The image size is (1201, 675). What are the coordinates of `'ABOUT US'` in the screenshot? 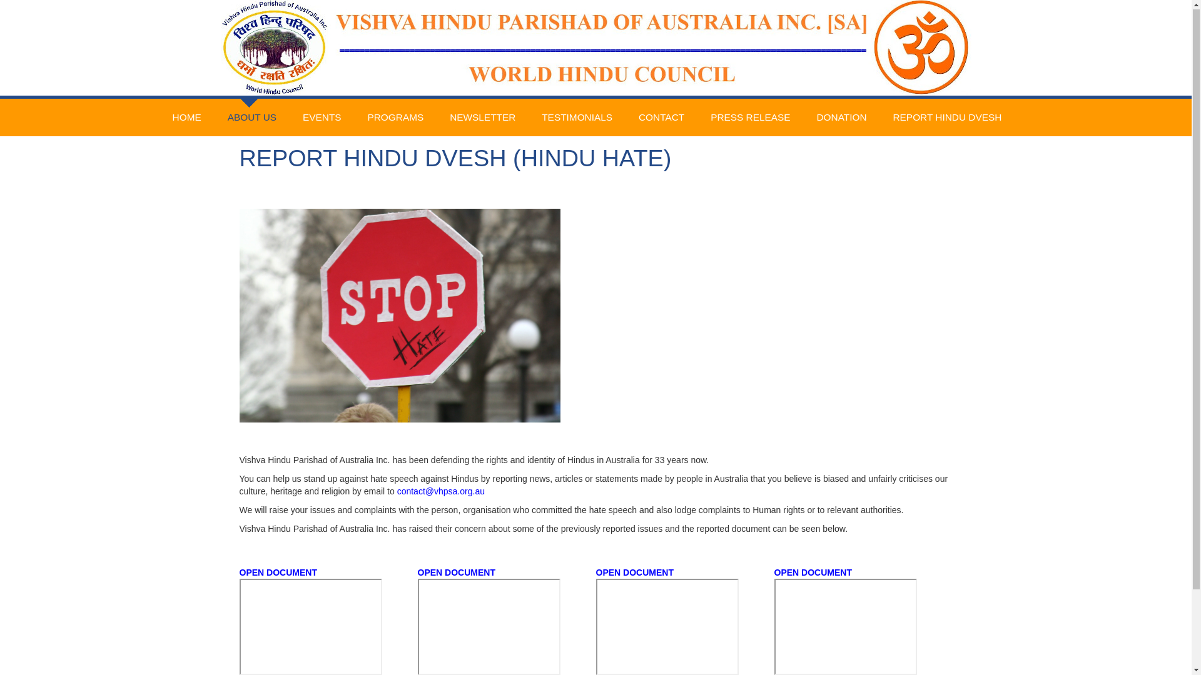 It's located at (251, 105).